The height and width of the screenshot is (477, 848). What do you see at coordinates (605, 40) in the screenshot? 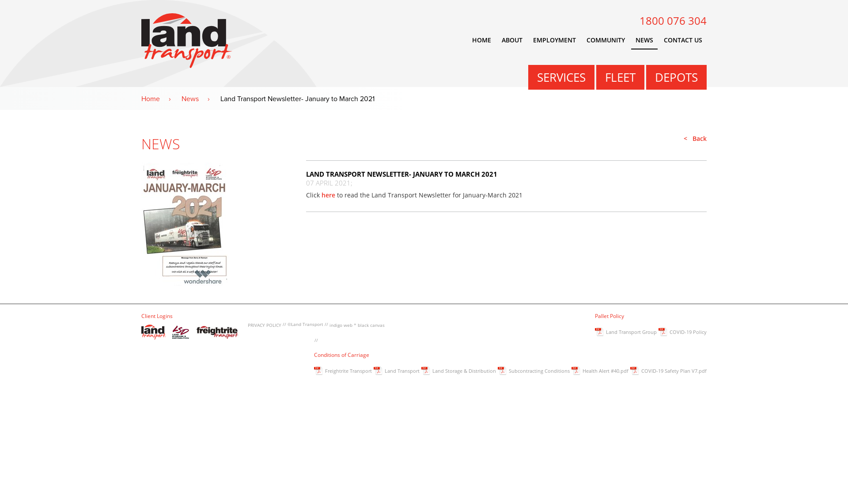
I see `'COMMUNITY'` at bounding box center [605, 40].